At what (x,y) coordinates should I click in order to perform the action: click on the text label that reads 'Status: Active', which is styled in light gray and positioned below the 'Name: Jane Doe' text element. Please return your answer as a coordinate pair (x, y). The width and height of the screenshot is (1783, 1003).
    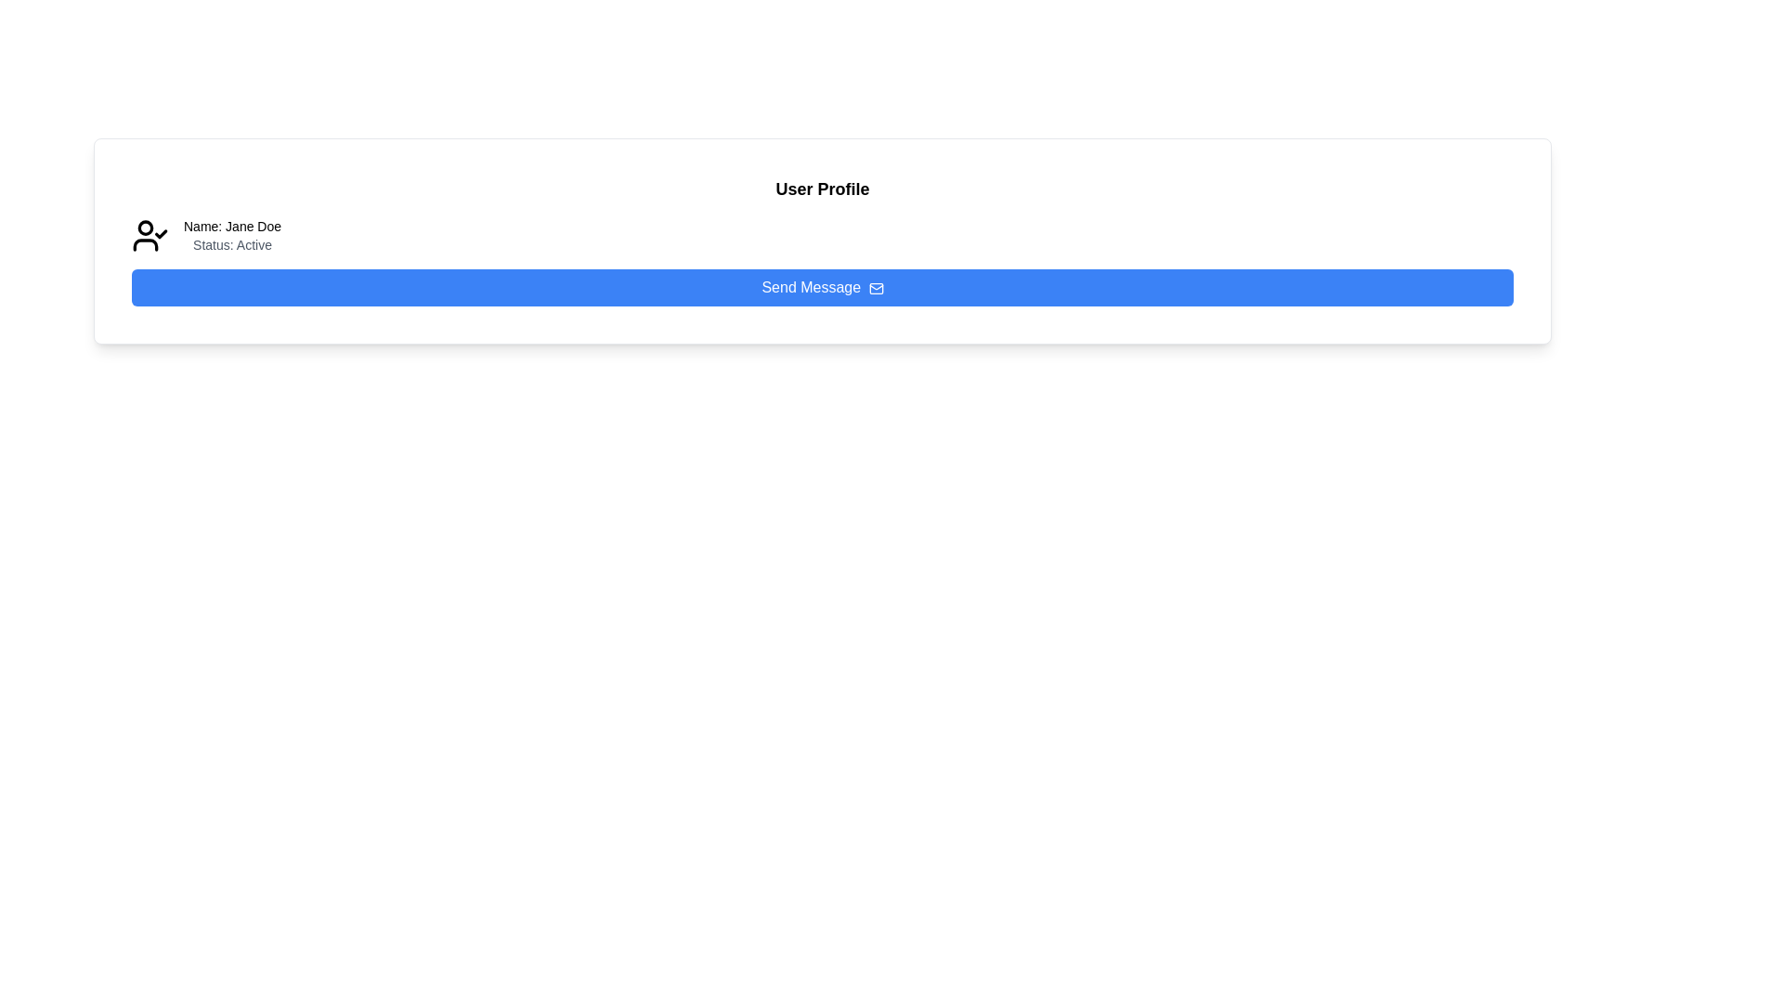
    Looking at the image, I should click on (231, 243).